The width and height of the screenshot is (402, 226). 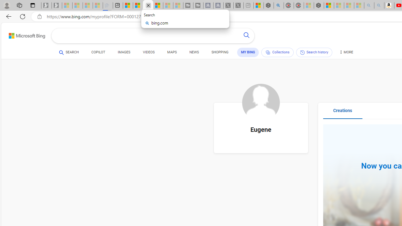 What do you see at coordinates (342, 113) in the screenshot?
I see `'Creations'` at bounding box center [342, 113].